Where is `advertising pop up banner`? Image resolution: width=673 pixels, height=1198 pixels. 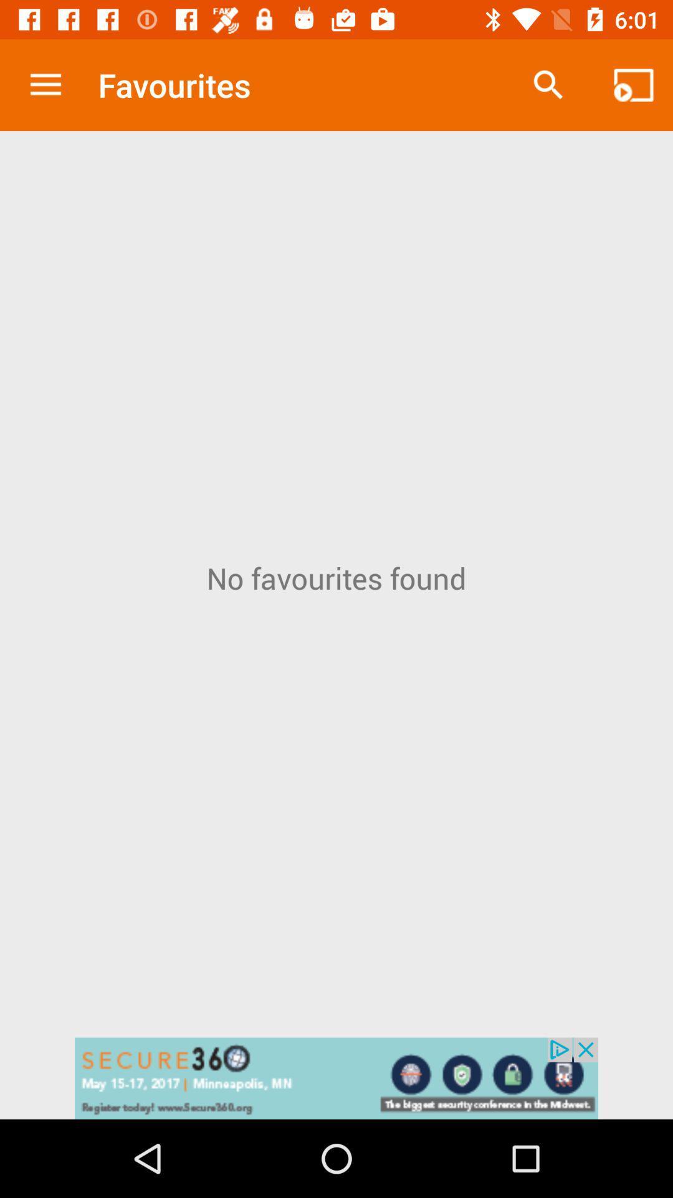
advertising pop up banner is located at coordinates (336, 1078).